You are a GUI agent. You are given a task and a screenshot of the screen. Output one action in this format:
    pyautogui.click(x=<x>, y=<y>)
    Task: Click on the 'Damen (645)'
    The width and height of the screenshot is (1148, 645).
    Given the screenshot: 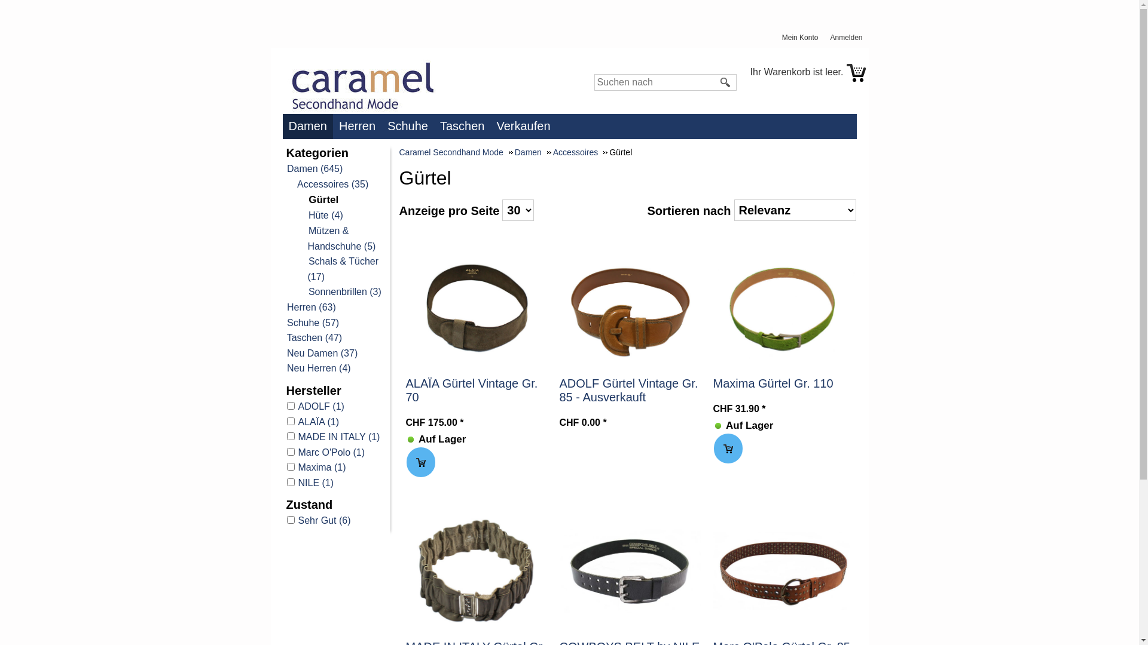 What is the action you would take?
    pyautogui.click(x=314, y=168)
    